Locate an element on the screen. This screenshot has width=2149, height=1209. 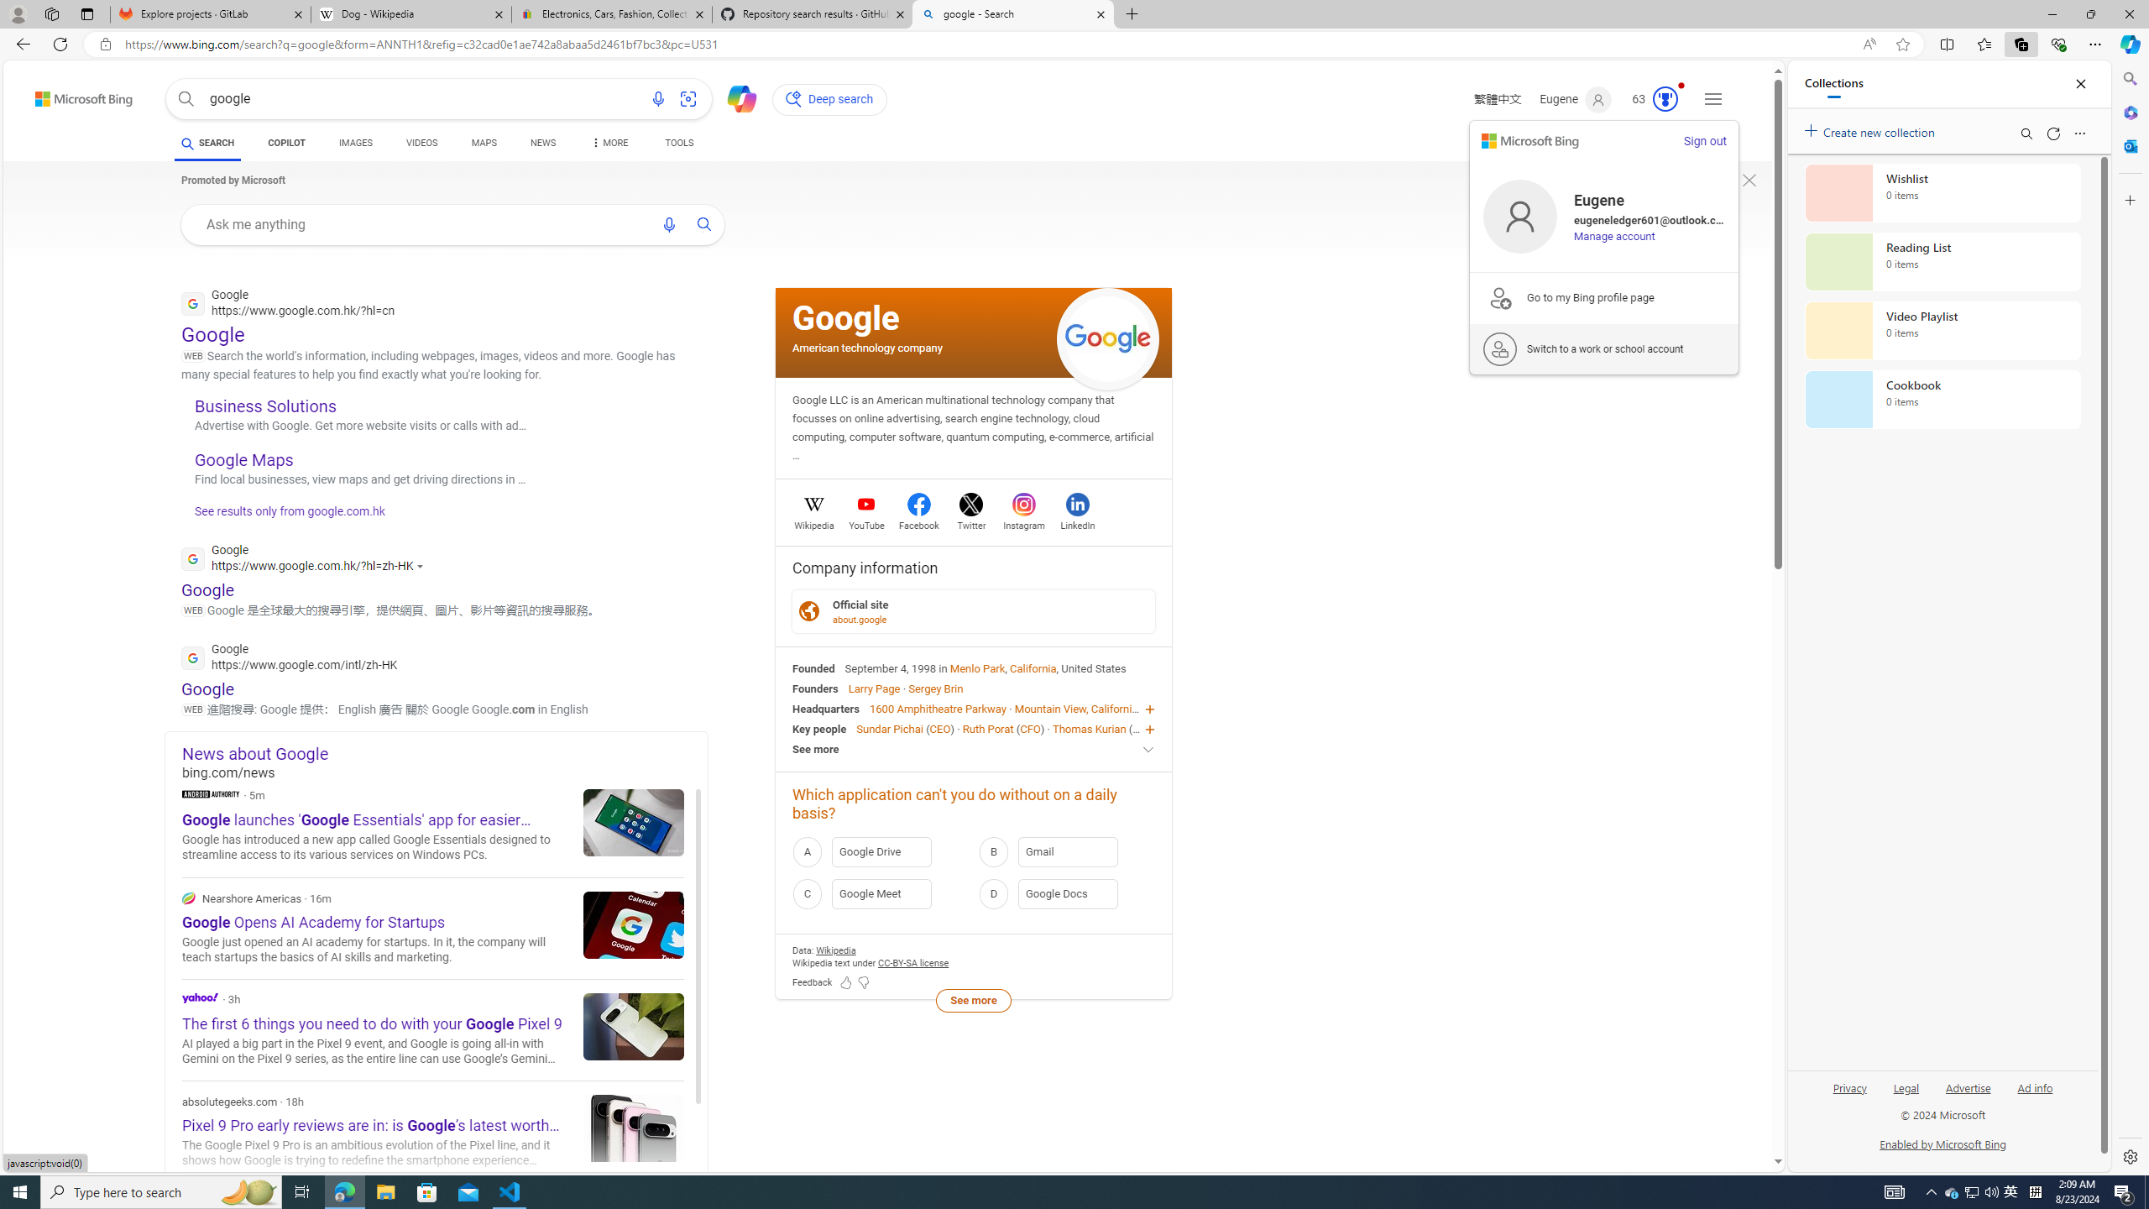
'Switch to a work or school account' is located at coordinates (1604, 348).